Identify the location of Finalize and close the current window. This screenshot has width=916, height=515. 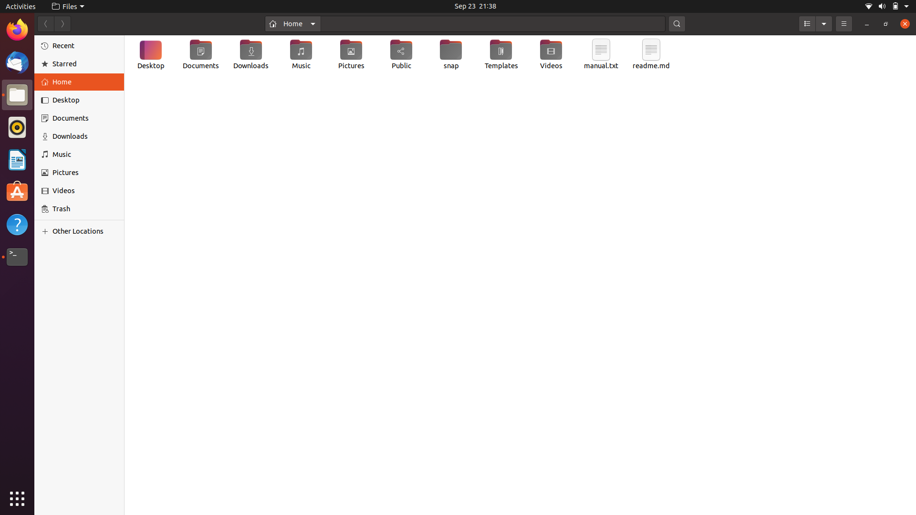
(903, 24).